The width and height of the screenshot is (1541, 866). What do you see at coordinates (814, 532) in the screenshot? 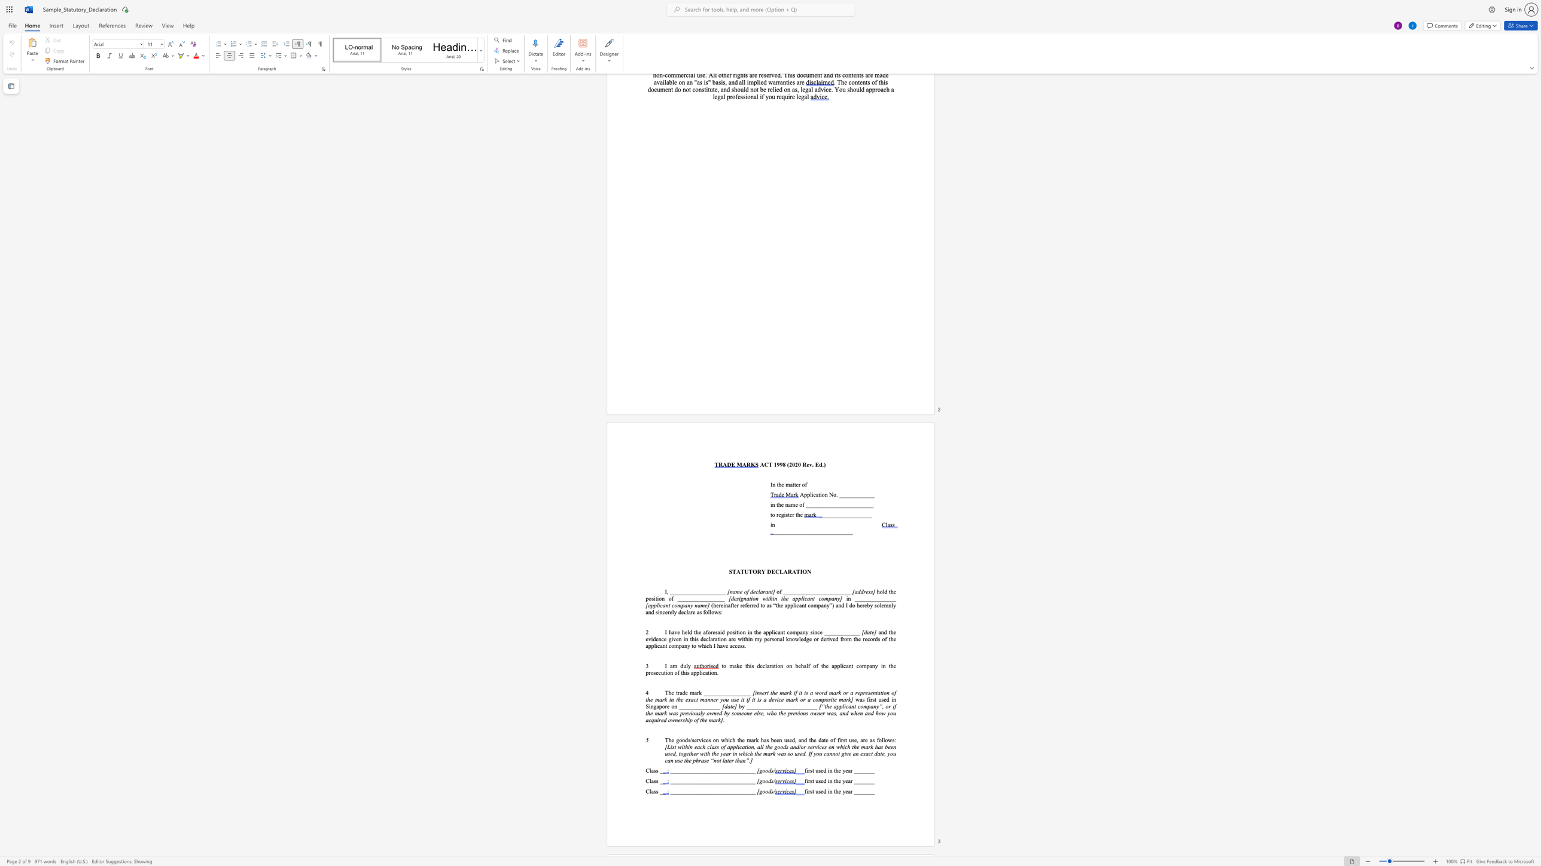
I see `the subset text "_____________" within the text "___________________________"` at bounding box center [814, 532].